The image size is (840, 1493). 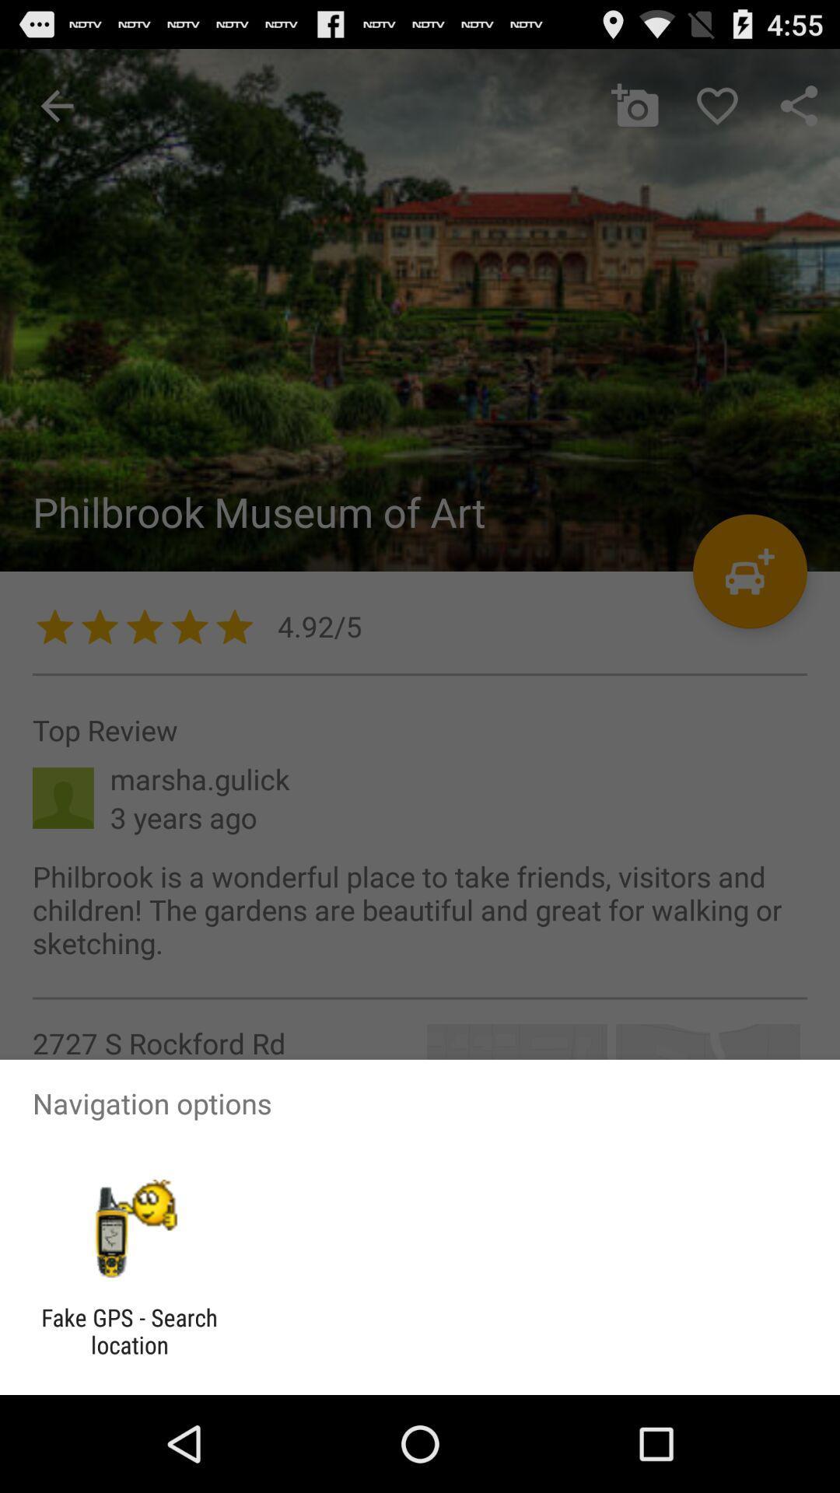 What do you see at coordinates (128, 1330) in the screenshot?
I see `the fake gps search app` at bounding box center [128, 1330].